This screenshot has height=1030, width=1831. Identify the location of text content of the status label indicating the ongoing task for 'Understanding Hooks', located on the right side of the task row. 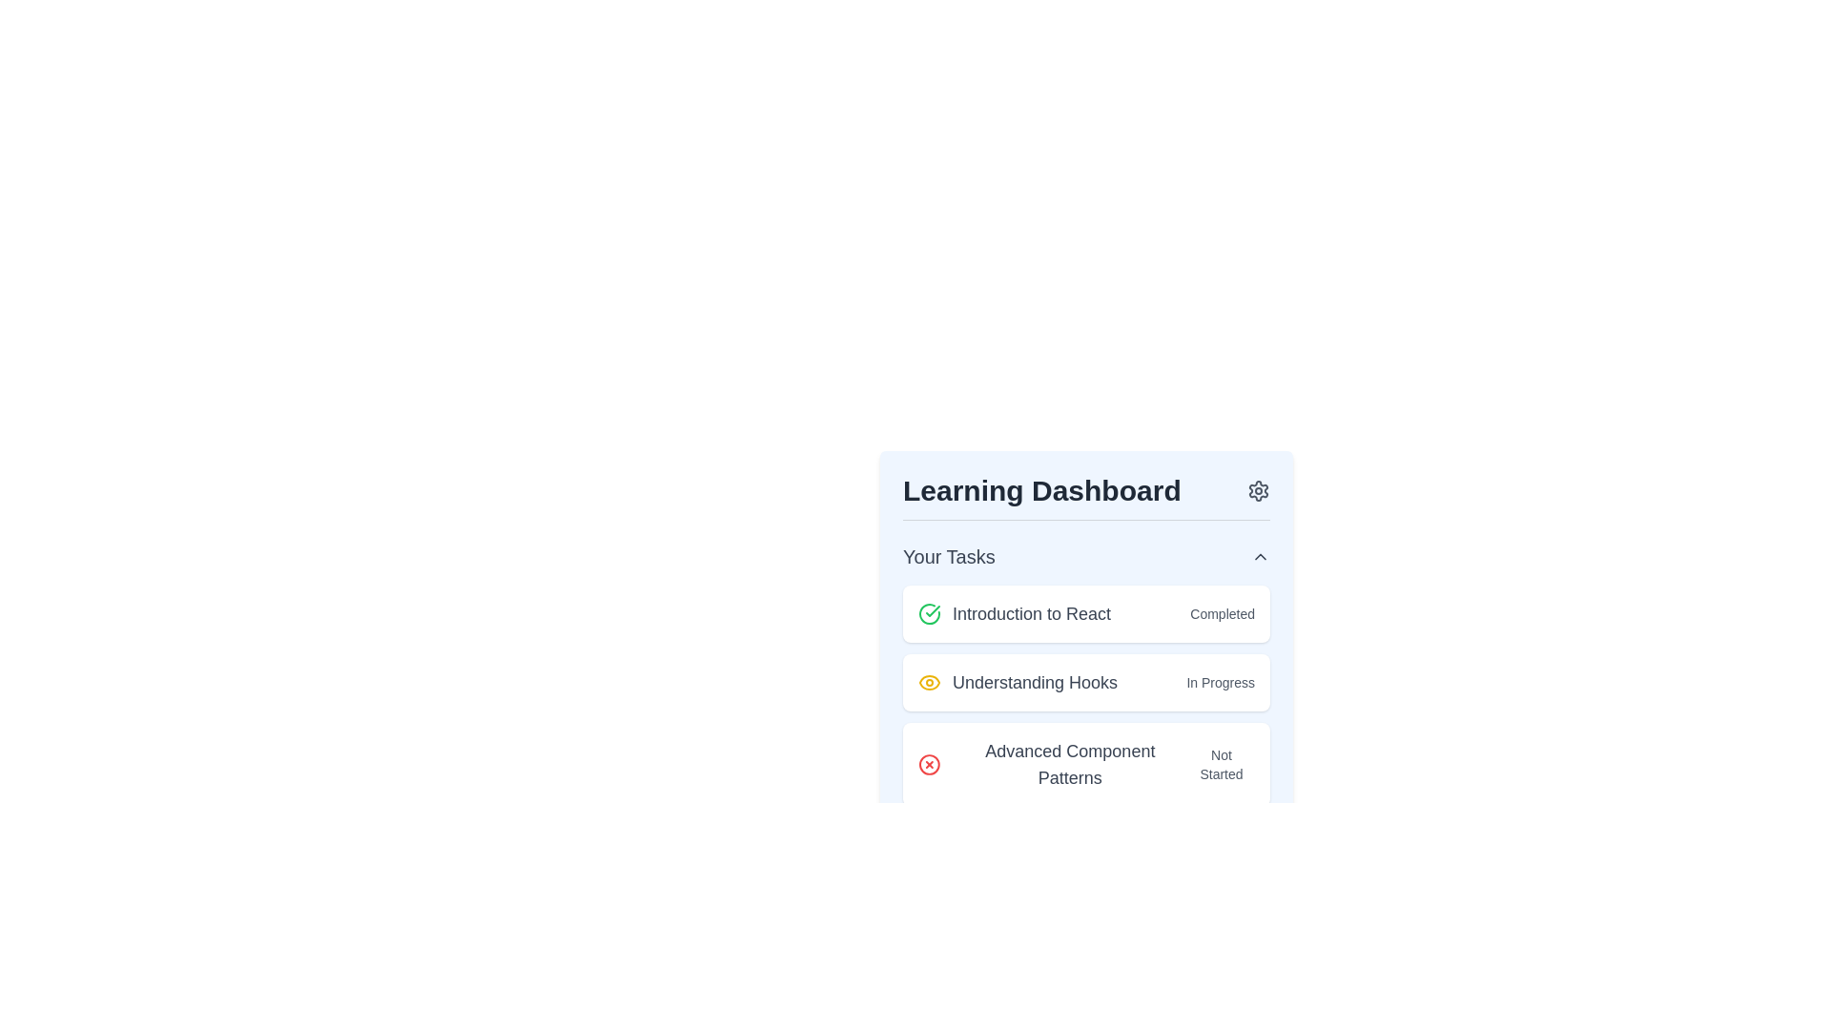
(1221, 682).